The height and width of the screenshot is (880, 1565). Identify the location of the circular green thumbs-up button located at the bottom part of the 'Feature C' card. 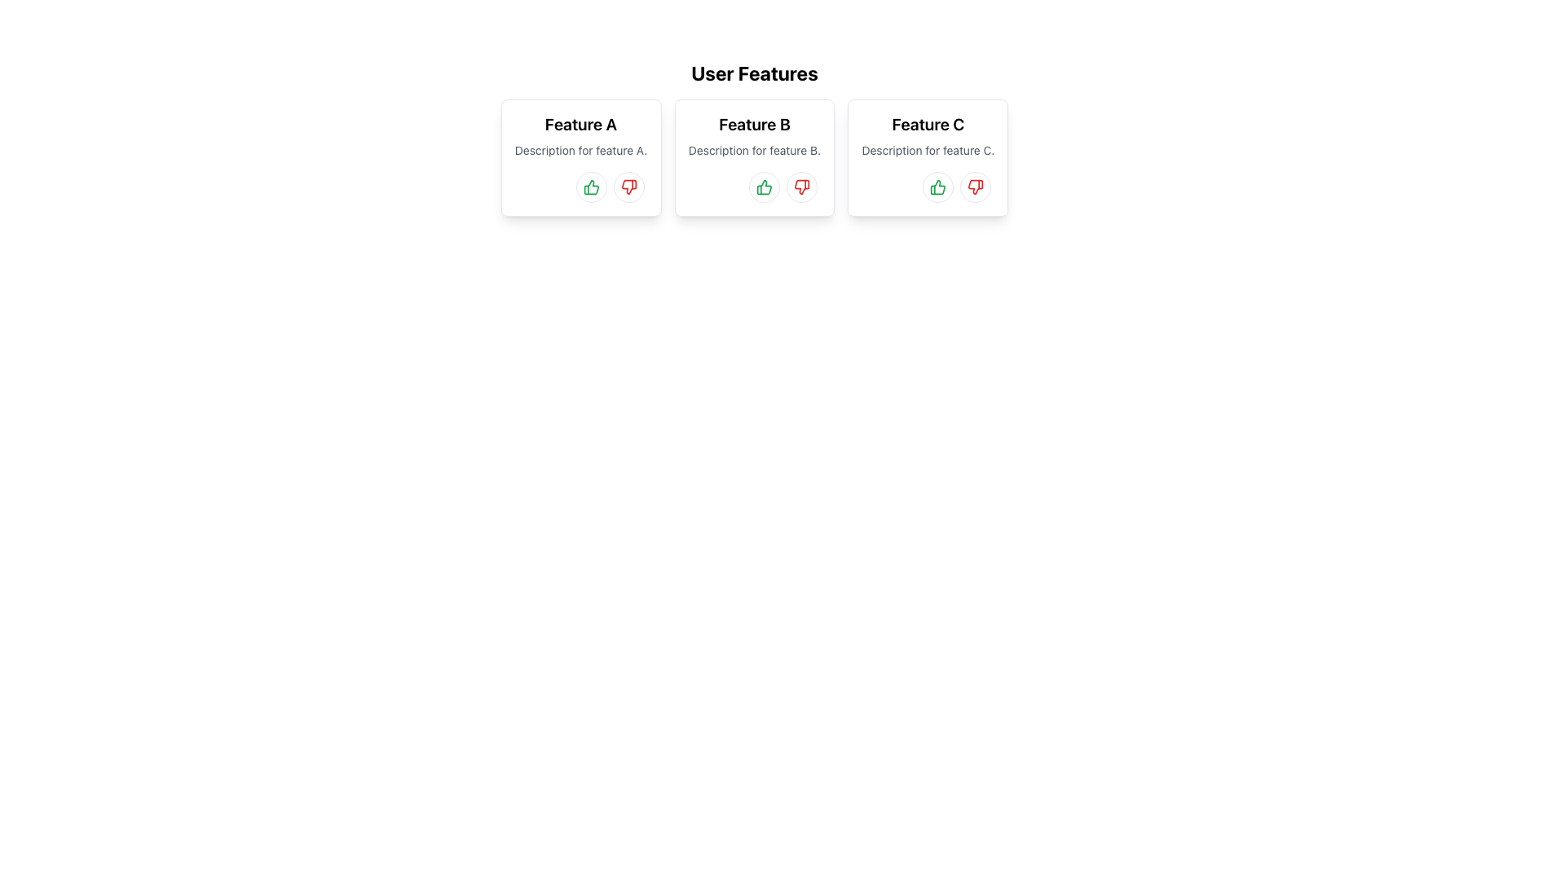
(938, 187).